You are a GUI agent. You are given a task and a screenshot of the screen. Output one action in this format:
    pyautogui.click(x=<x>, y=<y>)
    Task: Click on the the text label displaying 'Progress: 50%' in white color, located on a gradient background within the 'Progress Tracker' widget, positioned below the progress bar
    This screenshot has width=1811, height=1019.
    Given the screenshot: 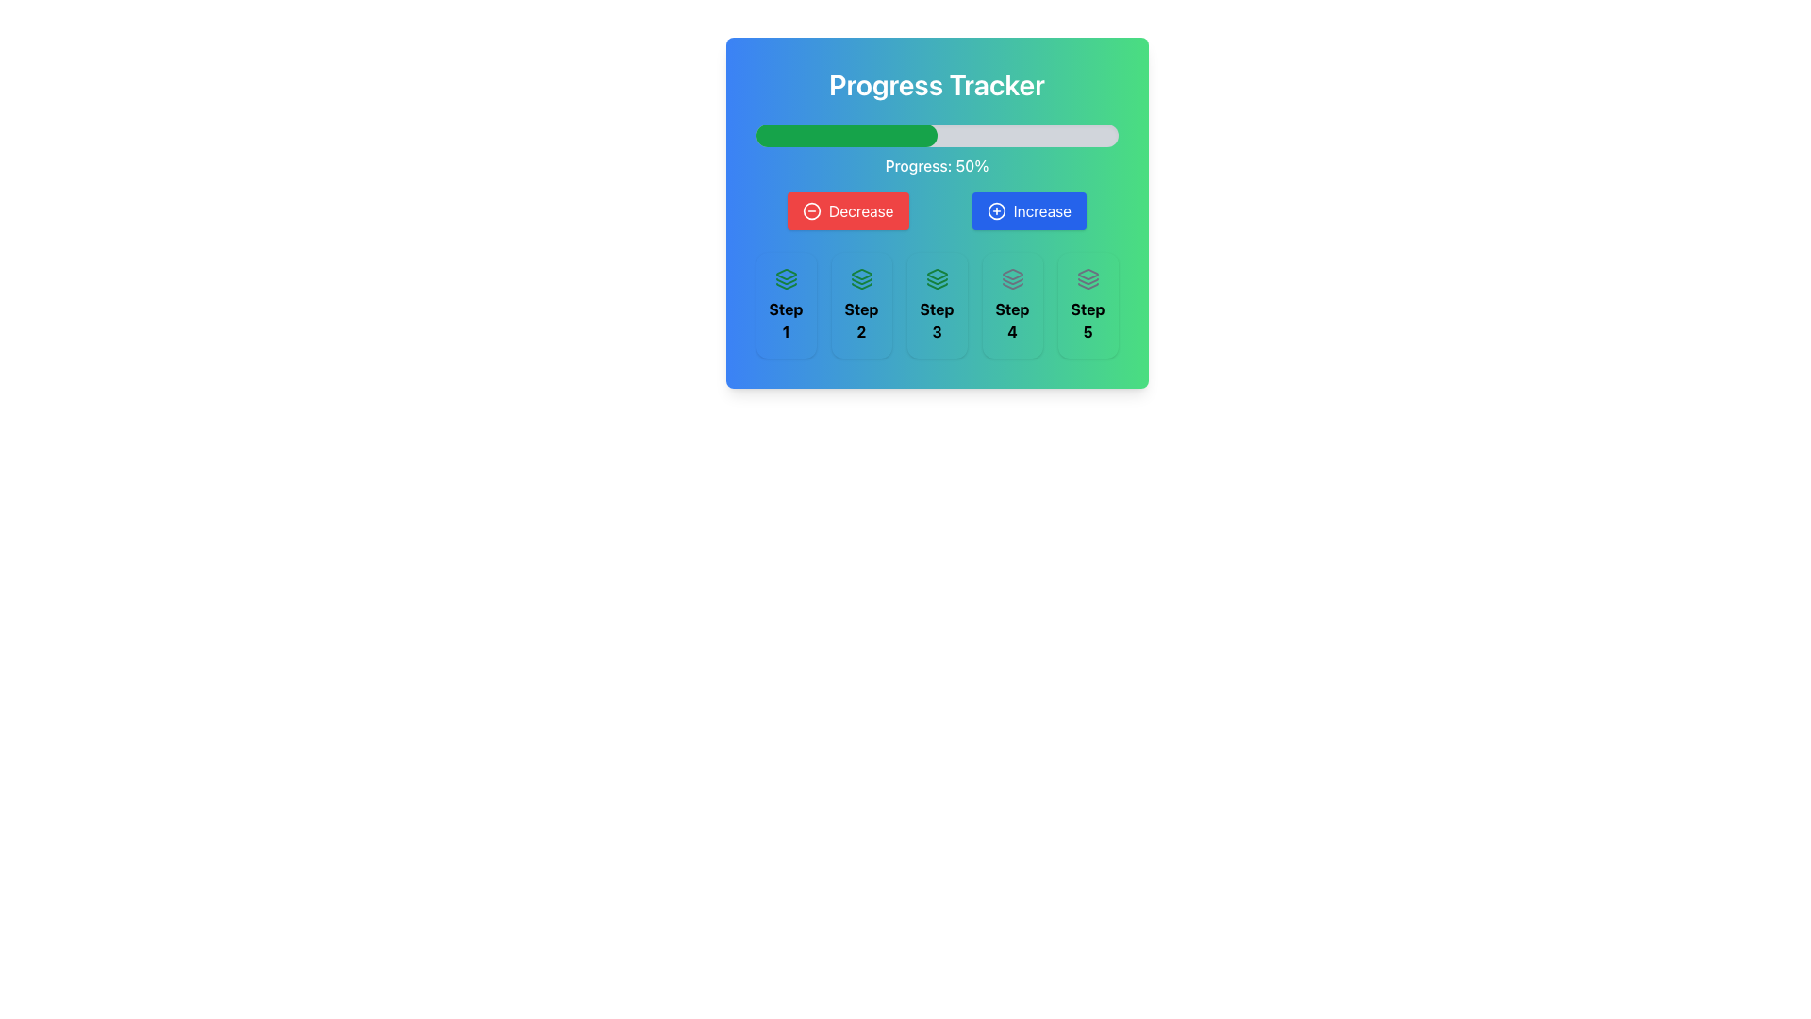 What is the action you would take?
    pyautogui.click(x=937, y=165)
    